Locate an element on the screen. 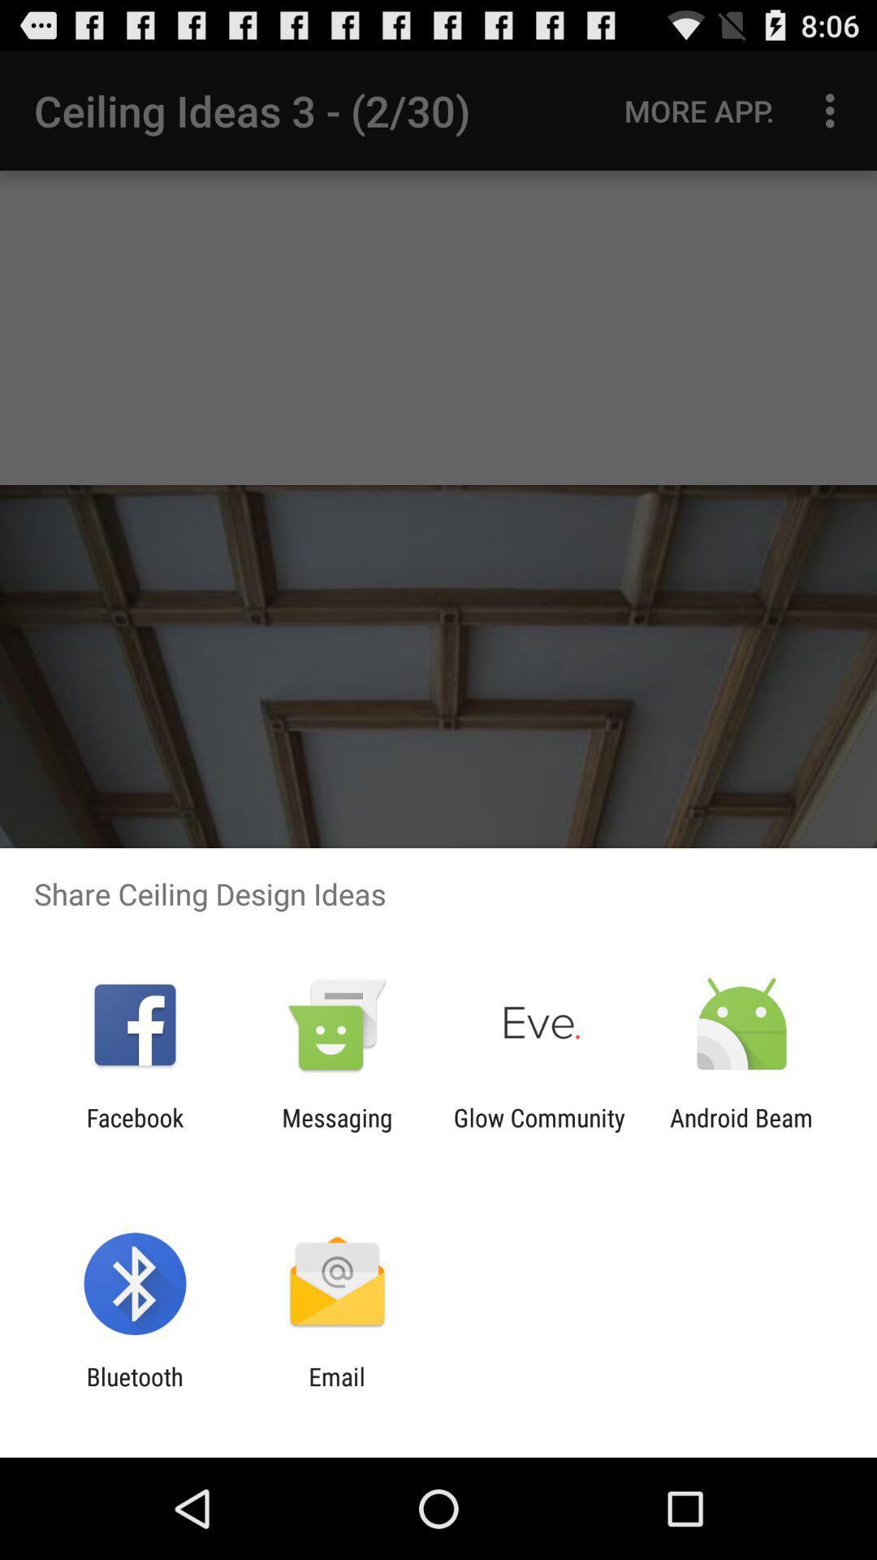 The height and width of the screenshot is (1560, 877). app next to the messaging is located at coordinates (539, 1131).